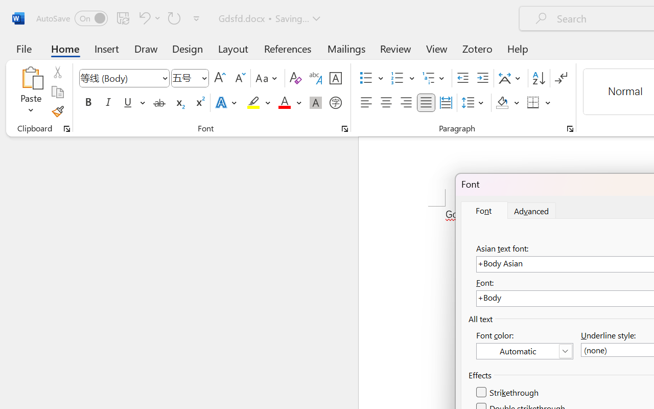 The image size is (654, 409). I want to click on 'Text Highlight Color Yellow', so click(253, 103).